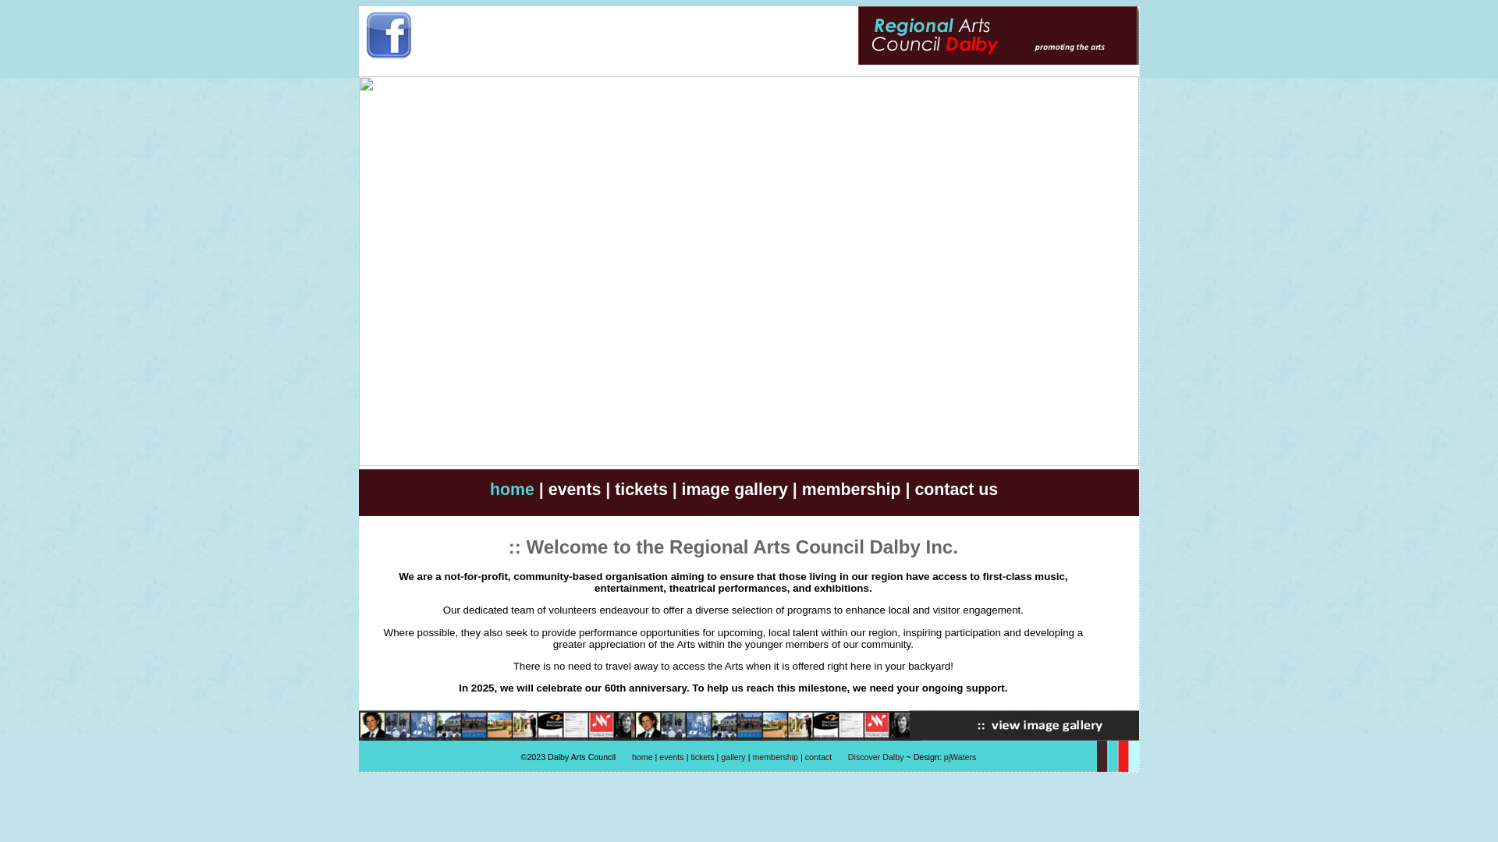 Image resolution: width=1498 pixels, height=842 pixels. What do you see at coordinates (942, 756) in the screenshot?
I see `'pjWaters'` at bounding box center [942, 756].